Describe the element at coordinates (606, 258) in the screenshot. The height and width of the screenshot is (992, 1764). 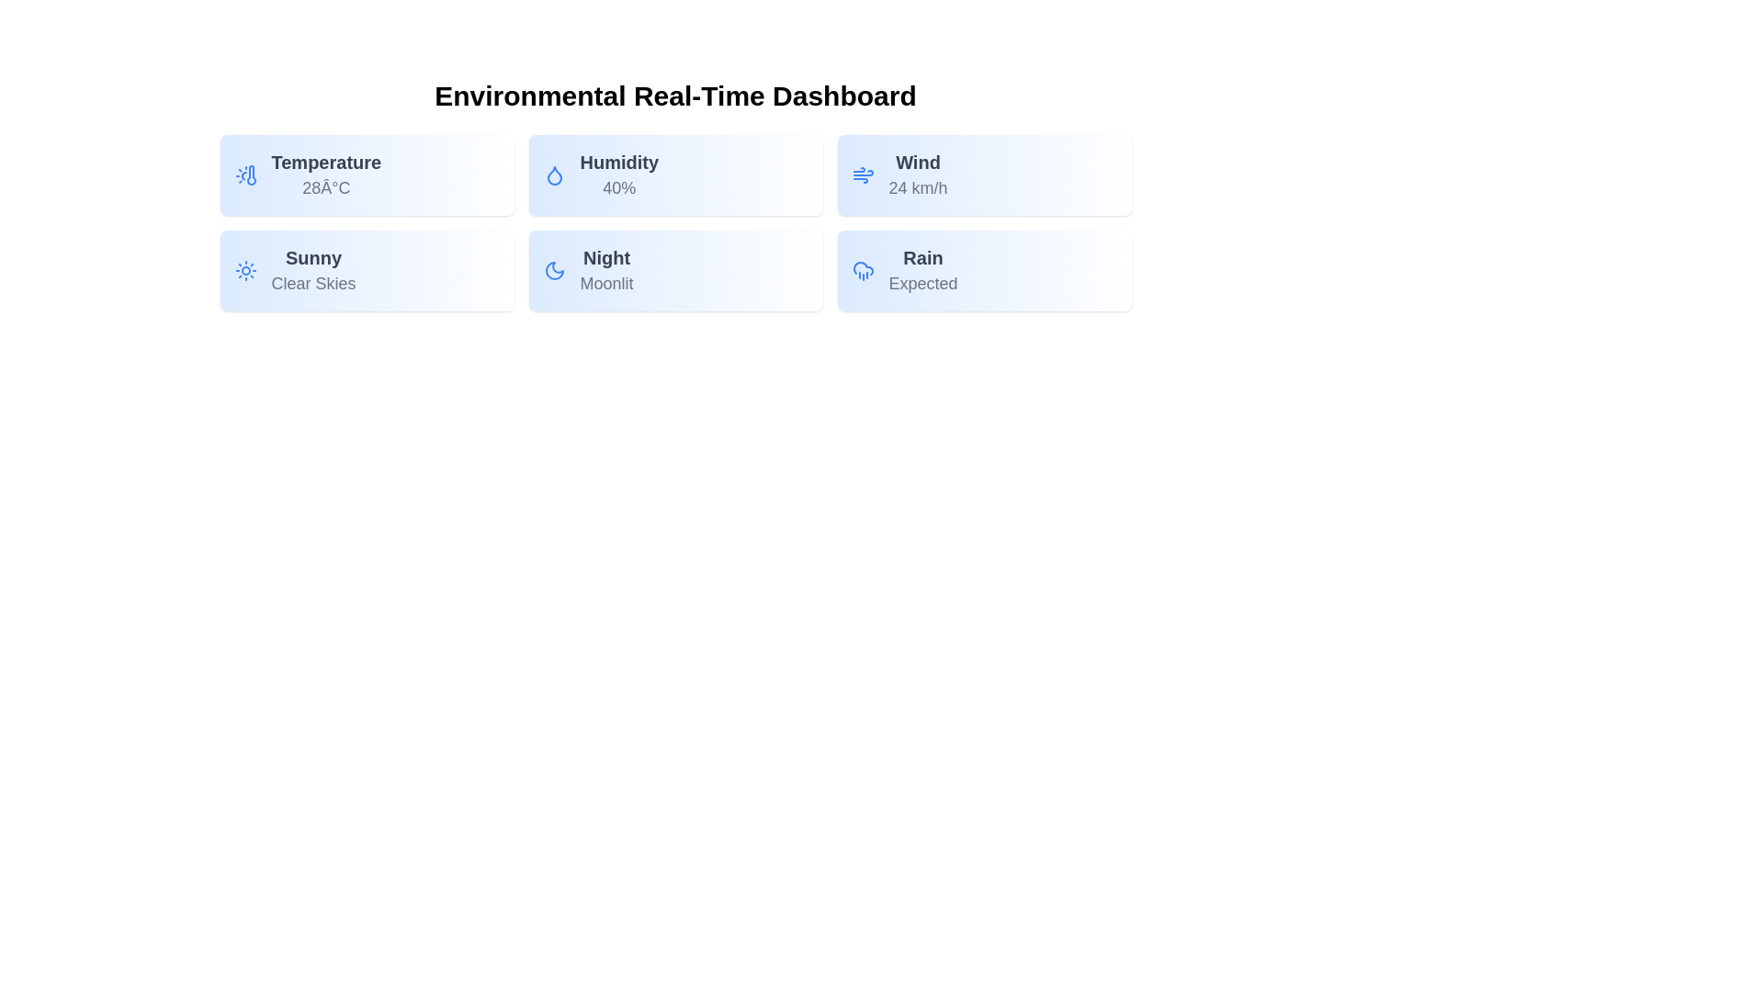
I see `the Text label indicating nighttime or environmental conditions located in the second row, second column of a grid layout, above the 'Moonlit' text element` at that location.